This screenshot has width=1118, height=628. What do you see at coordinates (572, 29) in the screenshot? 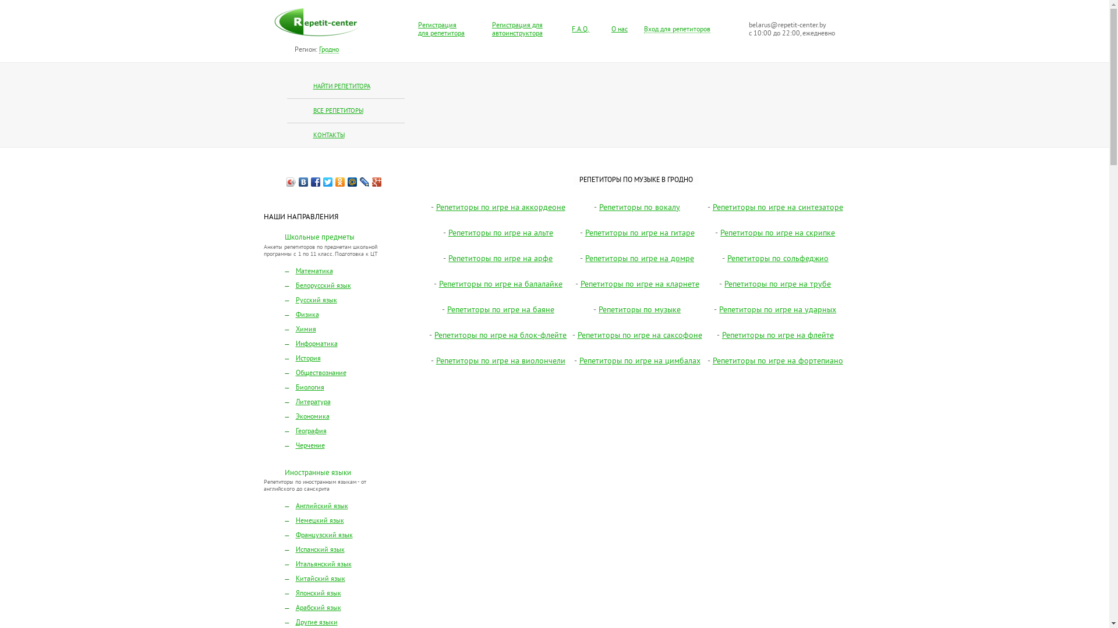
I see `'F.A.Q.'` at bounding box center [572, 29].